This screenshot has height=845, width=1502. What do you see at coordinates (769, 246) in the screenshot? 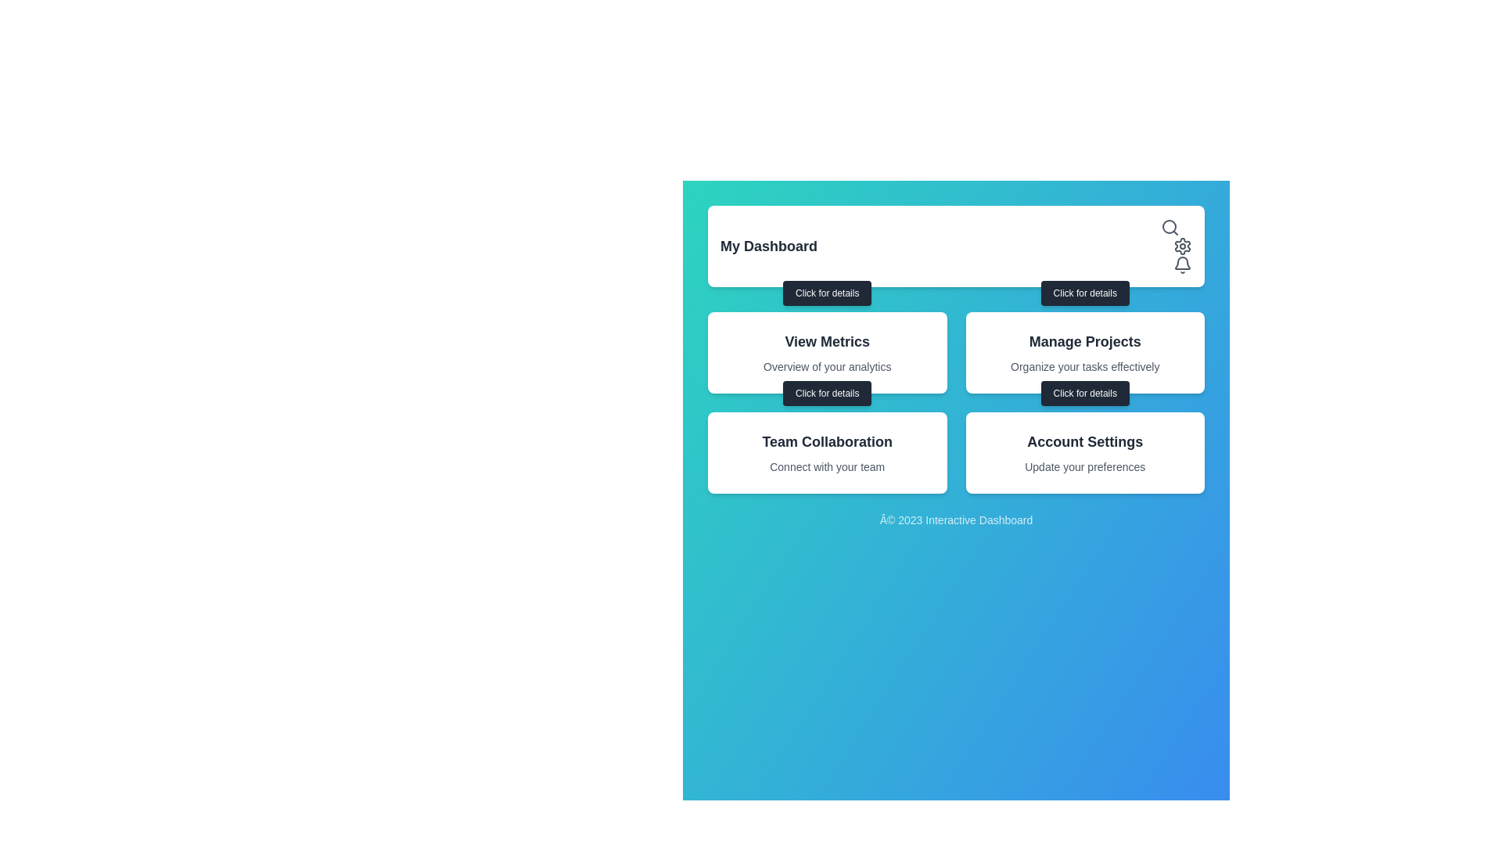
I see `the Text Label that serves as a title or heading, located in the upper left corner of a larger box component, above the settings gear and search icons` at bounding box center [769, 246].